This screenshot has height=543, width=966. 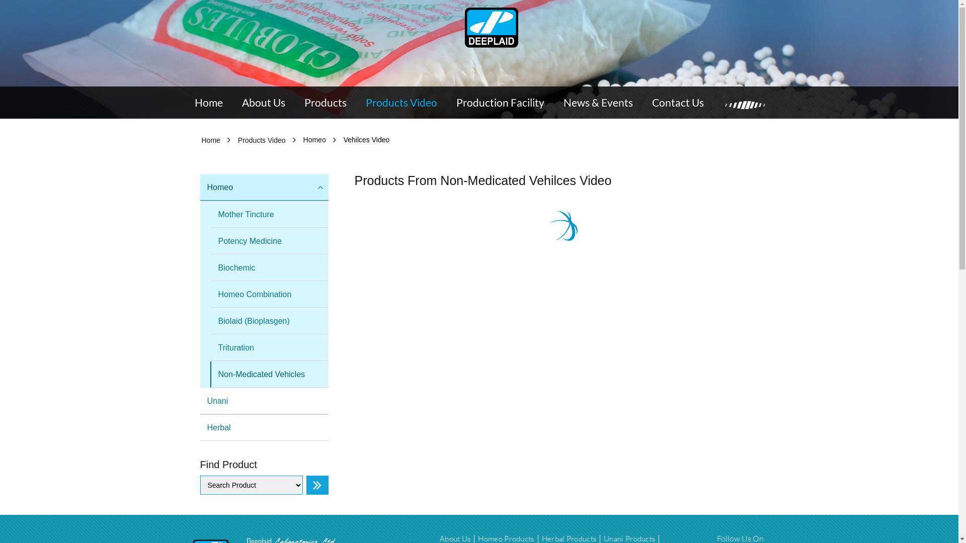 I want to click on 'Non-Medicated Vehicles', so click(x=269, y=374).